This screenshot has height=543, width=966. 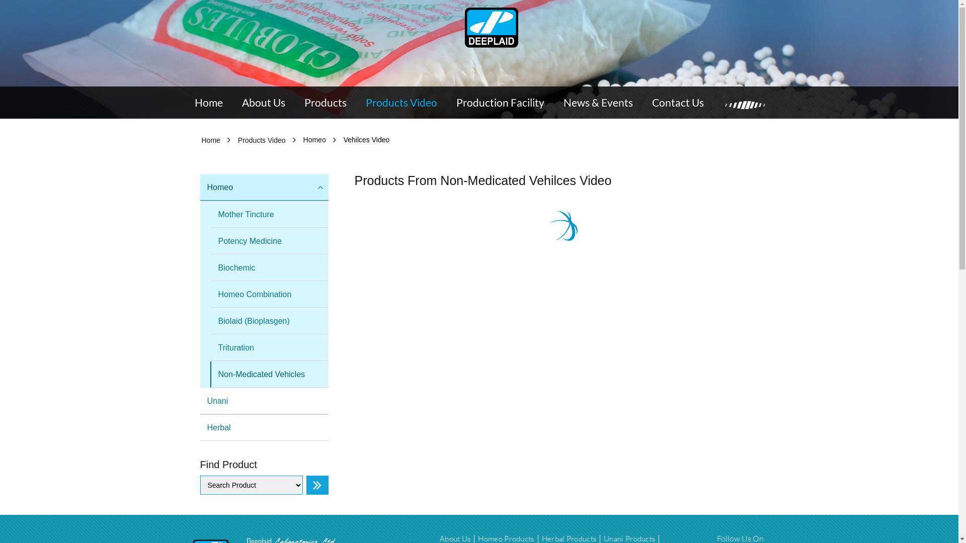 I want to click on 'Non-Medicated Vehicles', so click(x=269, y=374).